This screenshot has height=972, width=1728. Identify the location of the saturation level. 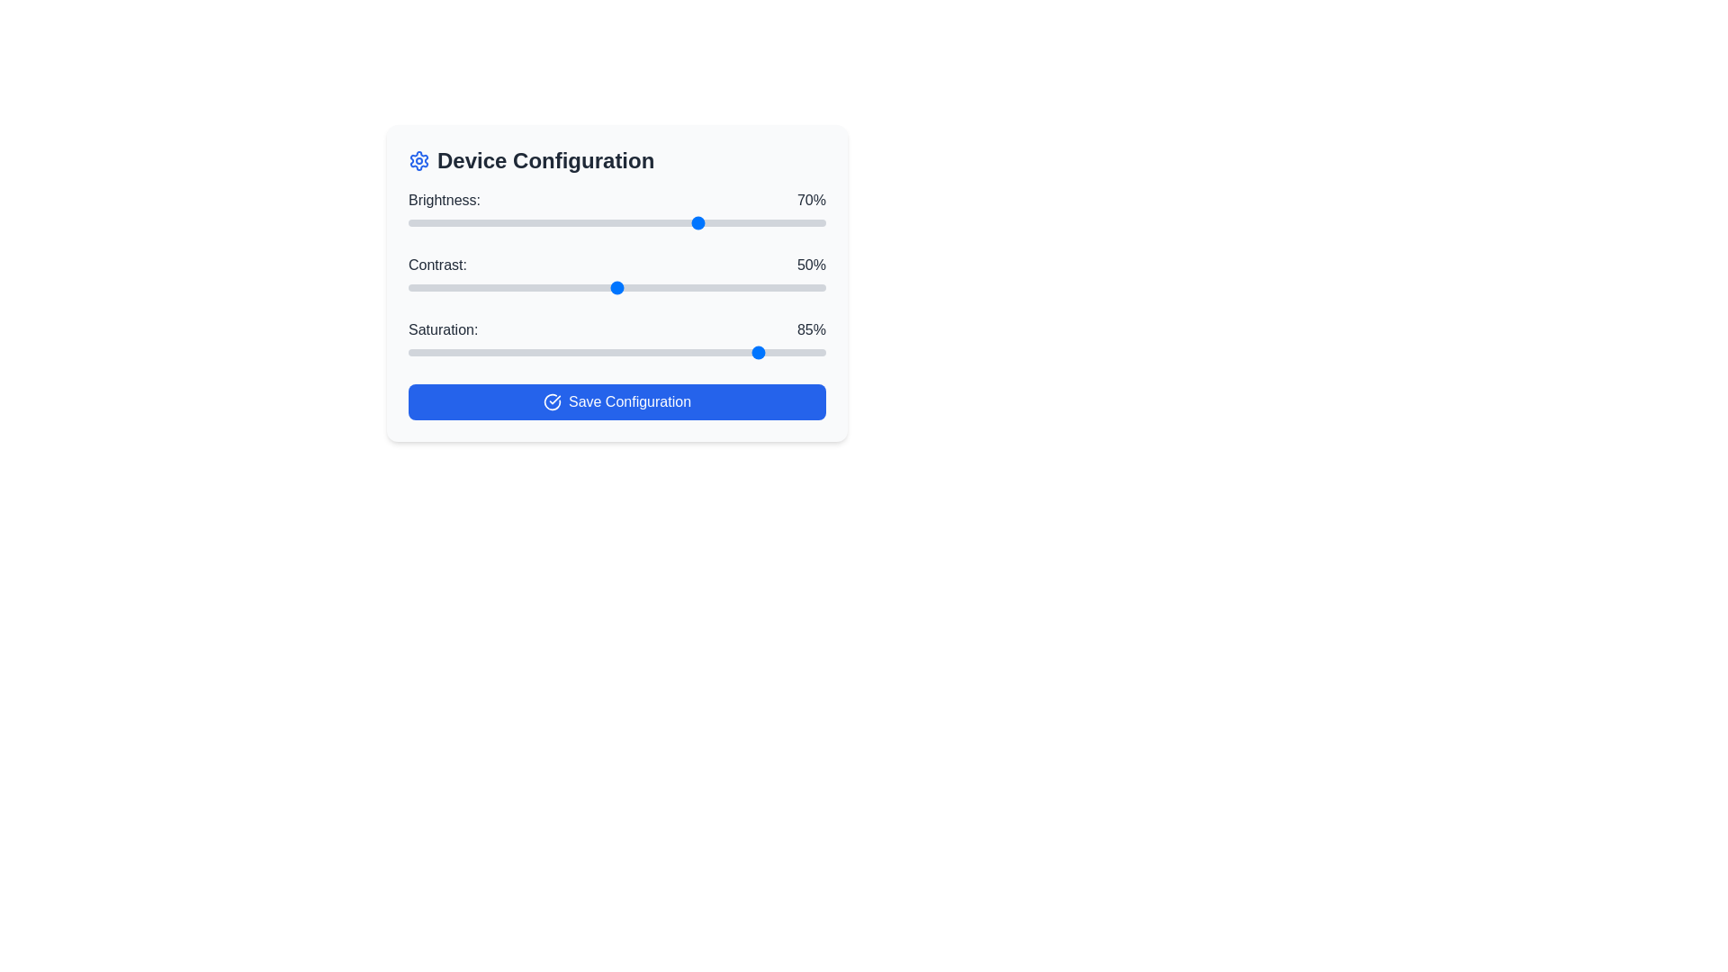
(638, 353).